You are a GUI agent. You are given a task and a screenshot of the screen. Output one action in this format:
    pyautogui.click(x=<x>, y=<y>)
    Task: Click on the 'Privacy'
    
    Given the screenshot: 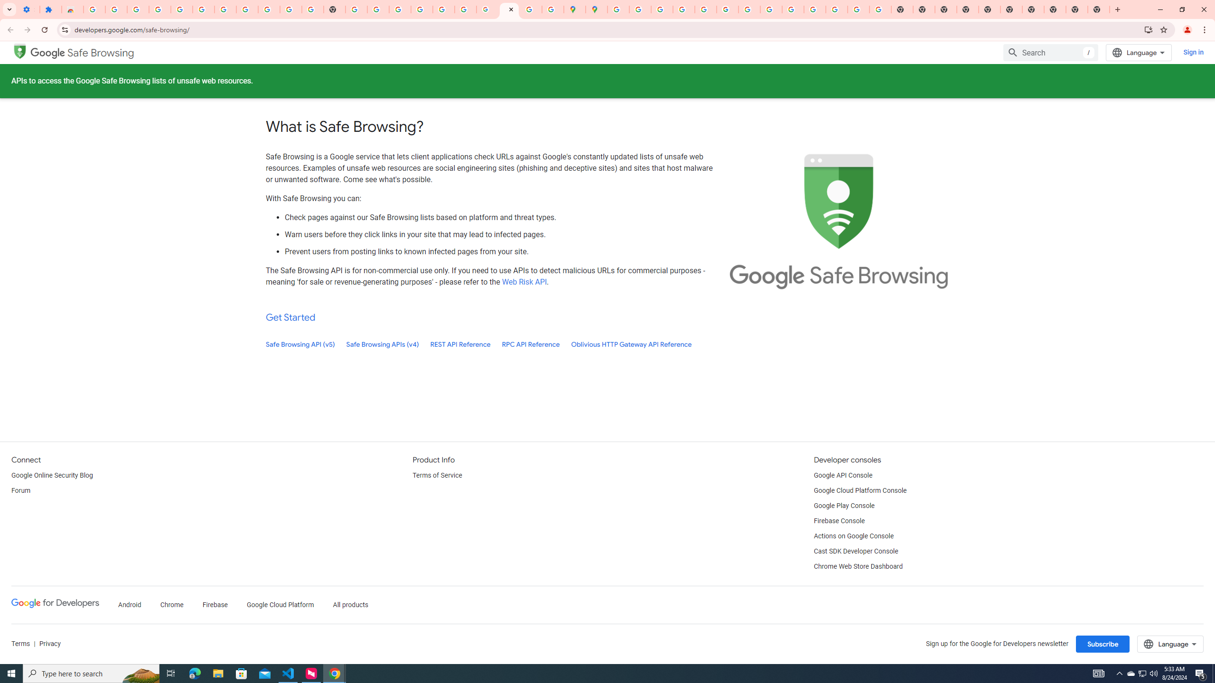 What is the action you would take?
    pyautogui.click(x=49, y=644)
    